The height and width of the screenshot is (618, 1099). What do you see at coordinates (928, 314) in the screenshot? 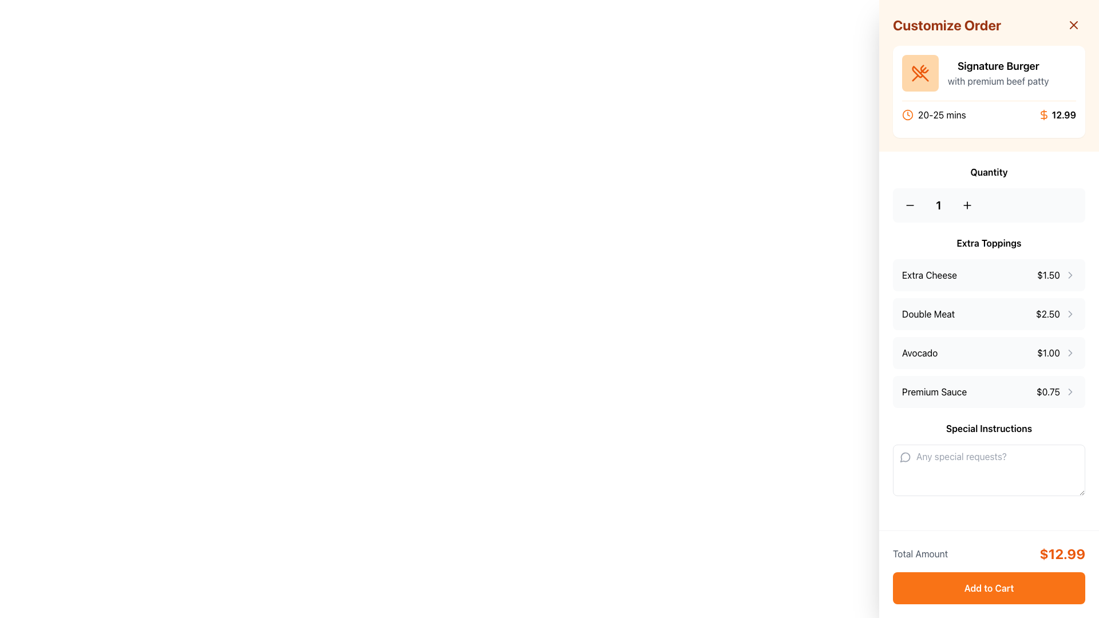
I see `the 'Double Meat' text label, which is displayed in bold black font as part of the extra toppings selection list, positioned between 'Extra Cheese' and 'Avocado'` at bounding box center [928, 314].